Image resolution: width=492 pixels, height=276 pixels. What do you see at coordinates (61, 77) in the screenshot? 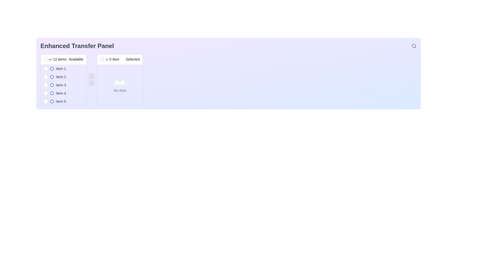
I see `information from the text label associated with 'Item 2', which is positioned beneath 'Item 1' in the 'Available' section` at bounding box center [61, 77].